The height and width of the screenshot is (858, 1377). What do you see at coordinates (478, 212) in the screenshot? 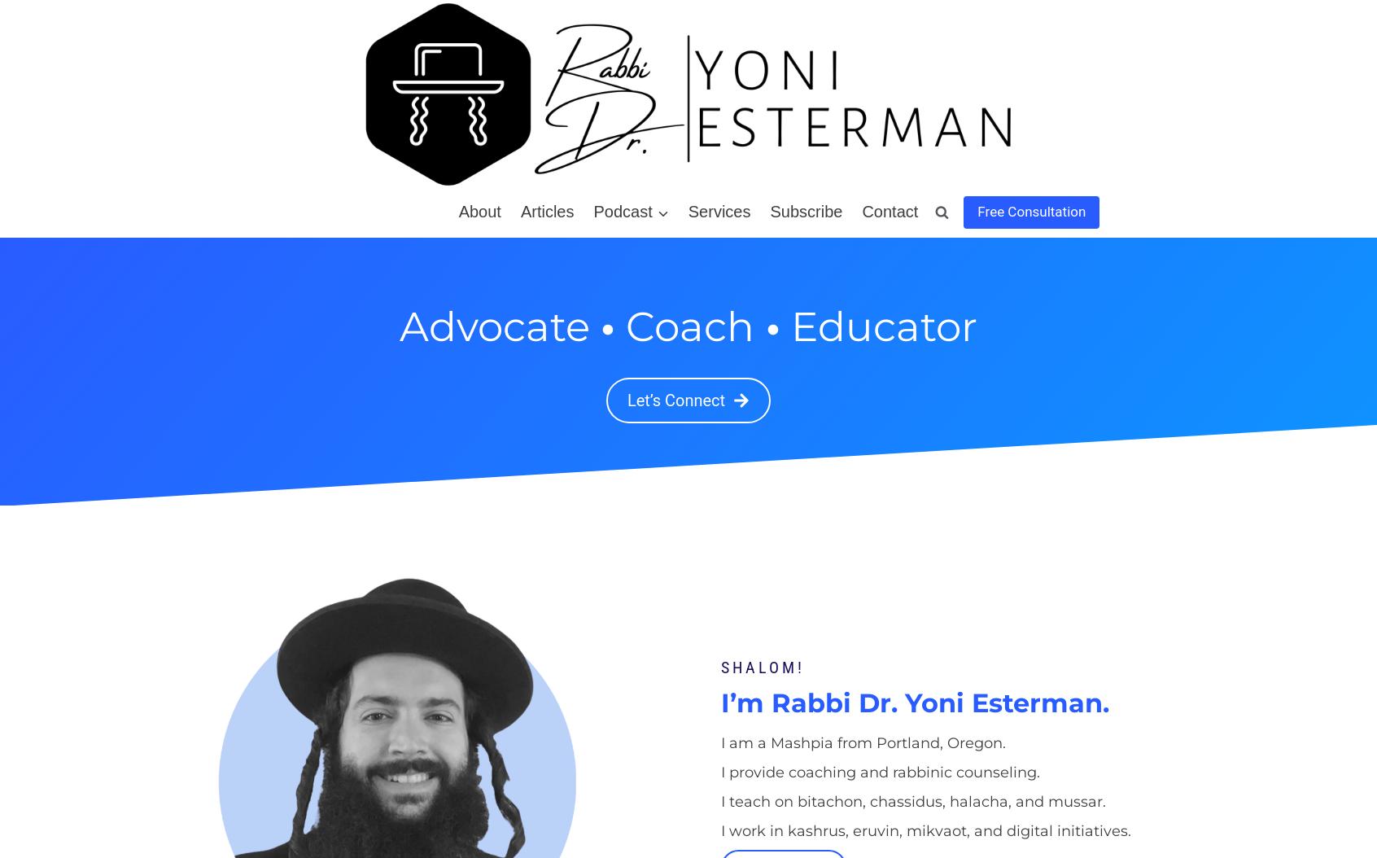
I see `'About'` at bounding box center [478, 212].